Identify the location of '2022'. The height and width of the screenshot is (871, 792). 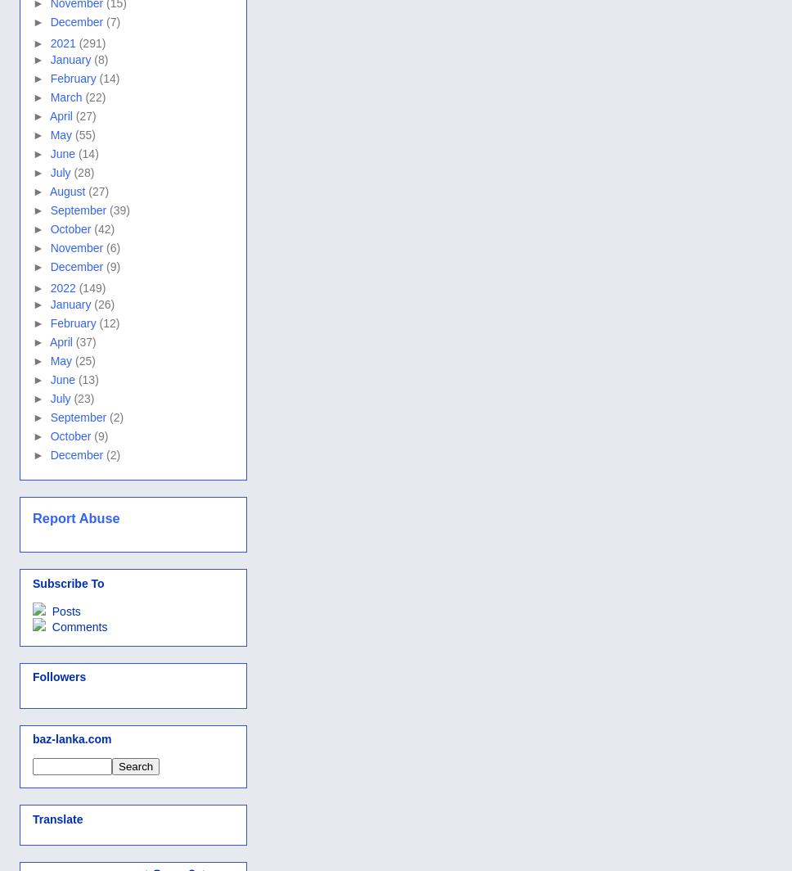
(63, 287).